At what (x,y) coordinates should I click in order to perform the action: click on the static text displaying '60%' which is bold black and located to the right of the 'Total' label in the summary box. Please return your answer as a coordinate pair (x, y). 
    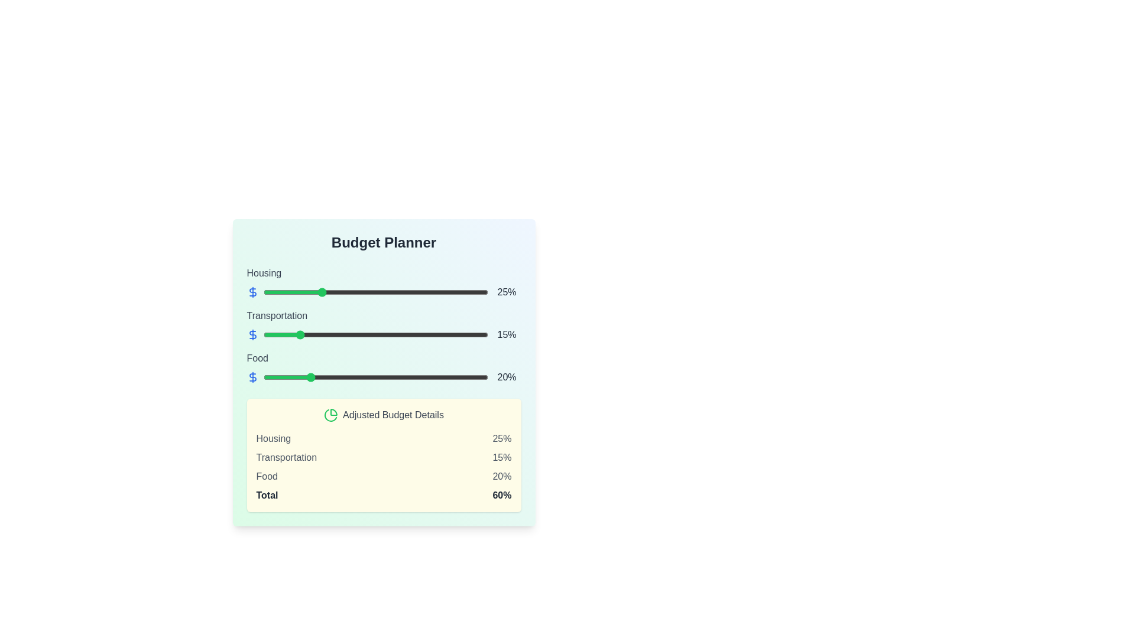
    Looking at the image, I should click on (502, 496).